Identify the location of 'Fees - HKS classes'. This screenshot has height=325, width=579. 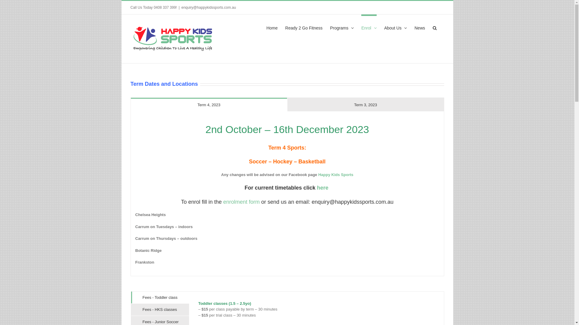
(160, 310).